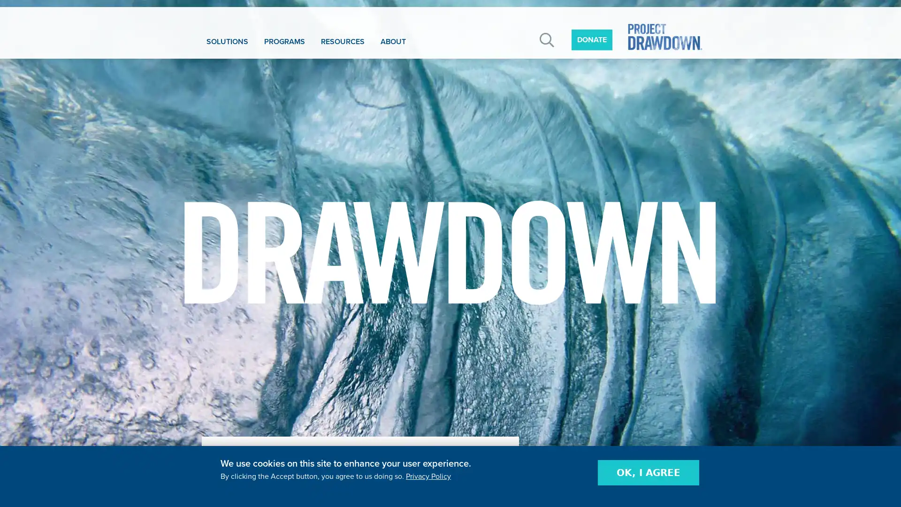 The width and height of the screenshot is (901, 507). Describe the element at coordinates (648, 472) in the screenshot. I see `OK, I AGREE` at that location.